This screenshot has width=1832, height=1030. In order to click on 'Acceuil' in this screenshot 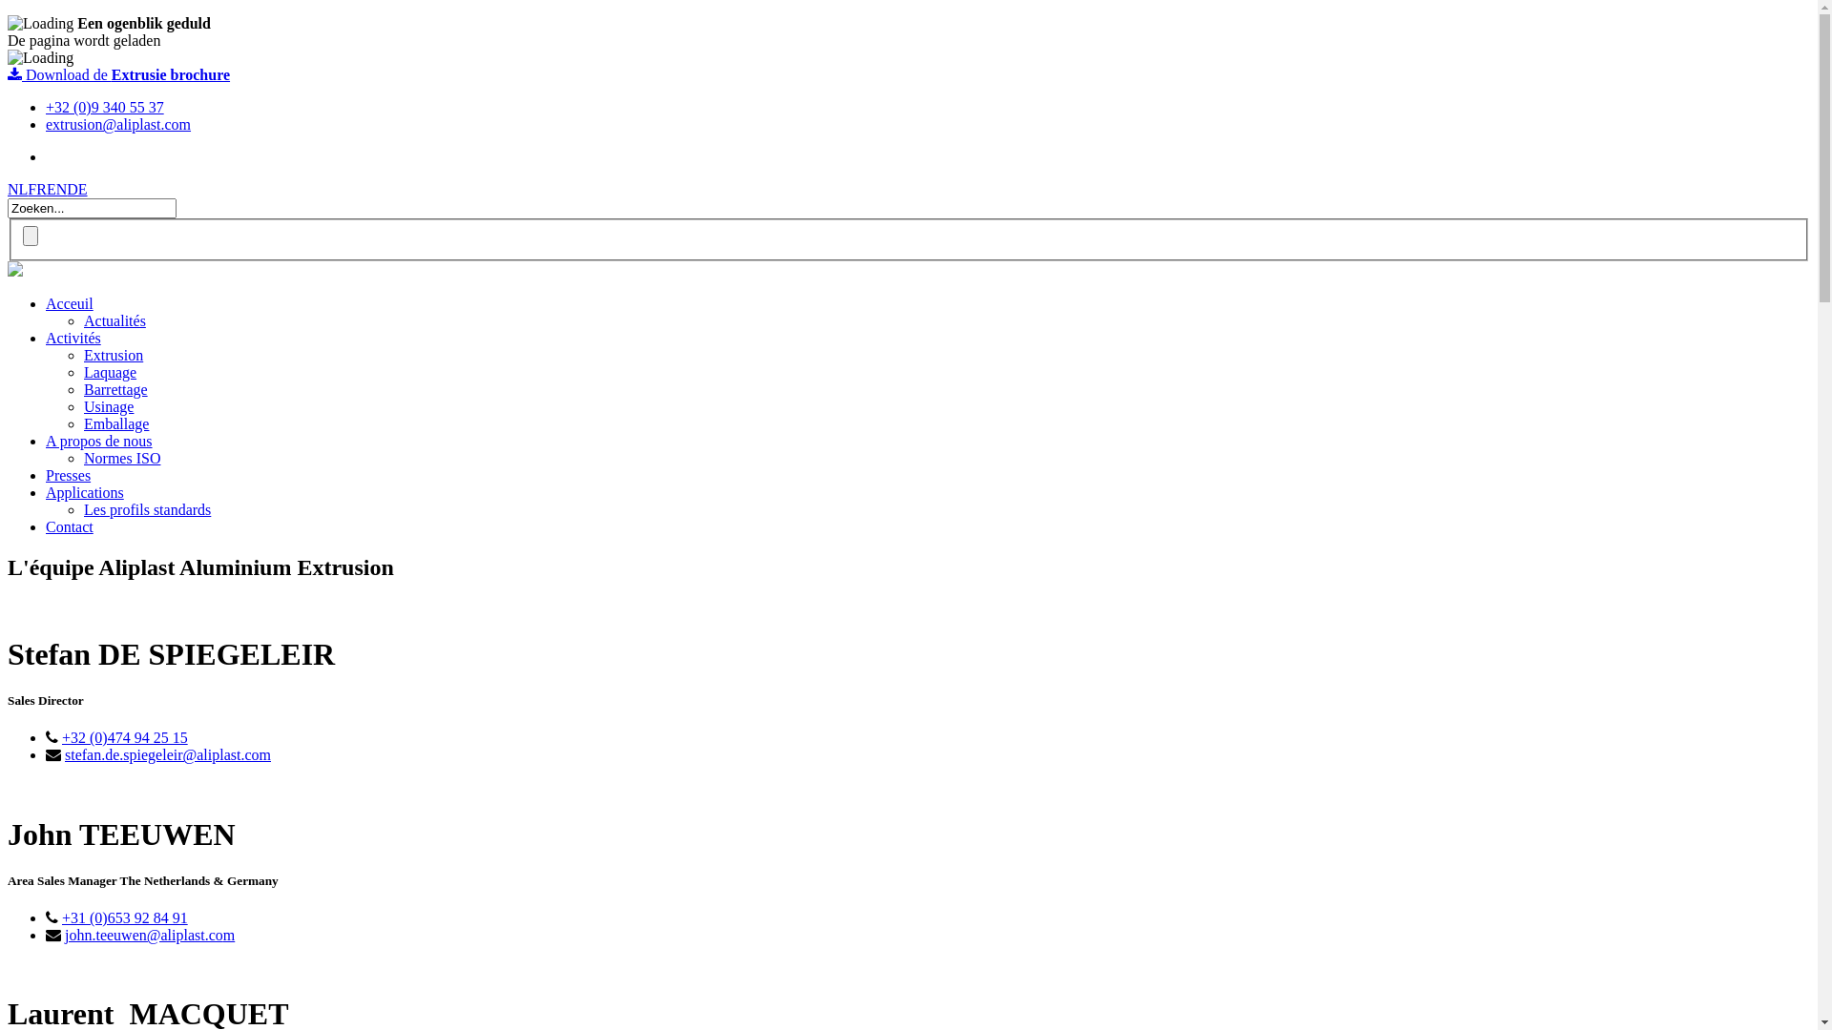, I will do `click(46, 302)`.